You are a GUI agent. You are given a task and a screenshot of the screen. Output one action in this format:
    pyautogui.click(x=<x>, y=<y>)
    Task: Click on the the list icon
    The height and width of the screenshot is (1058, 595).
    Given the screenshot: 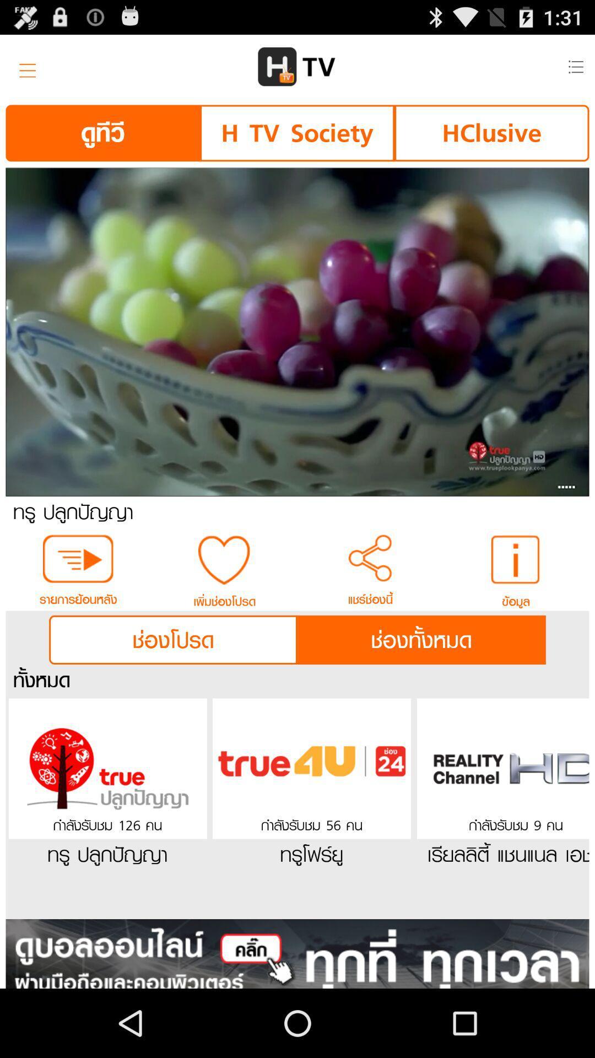 What is the action you would take?
    pyautogui.click(x=575, y=71)
    